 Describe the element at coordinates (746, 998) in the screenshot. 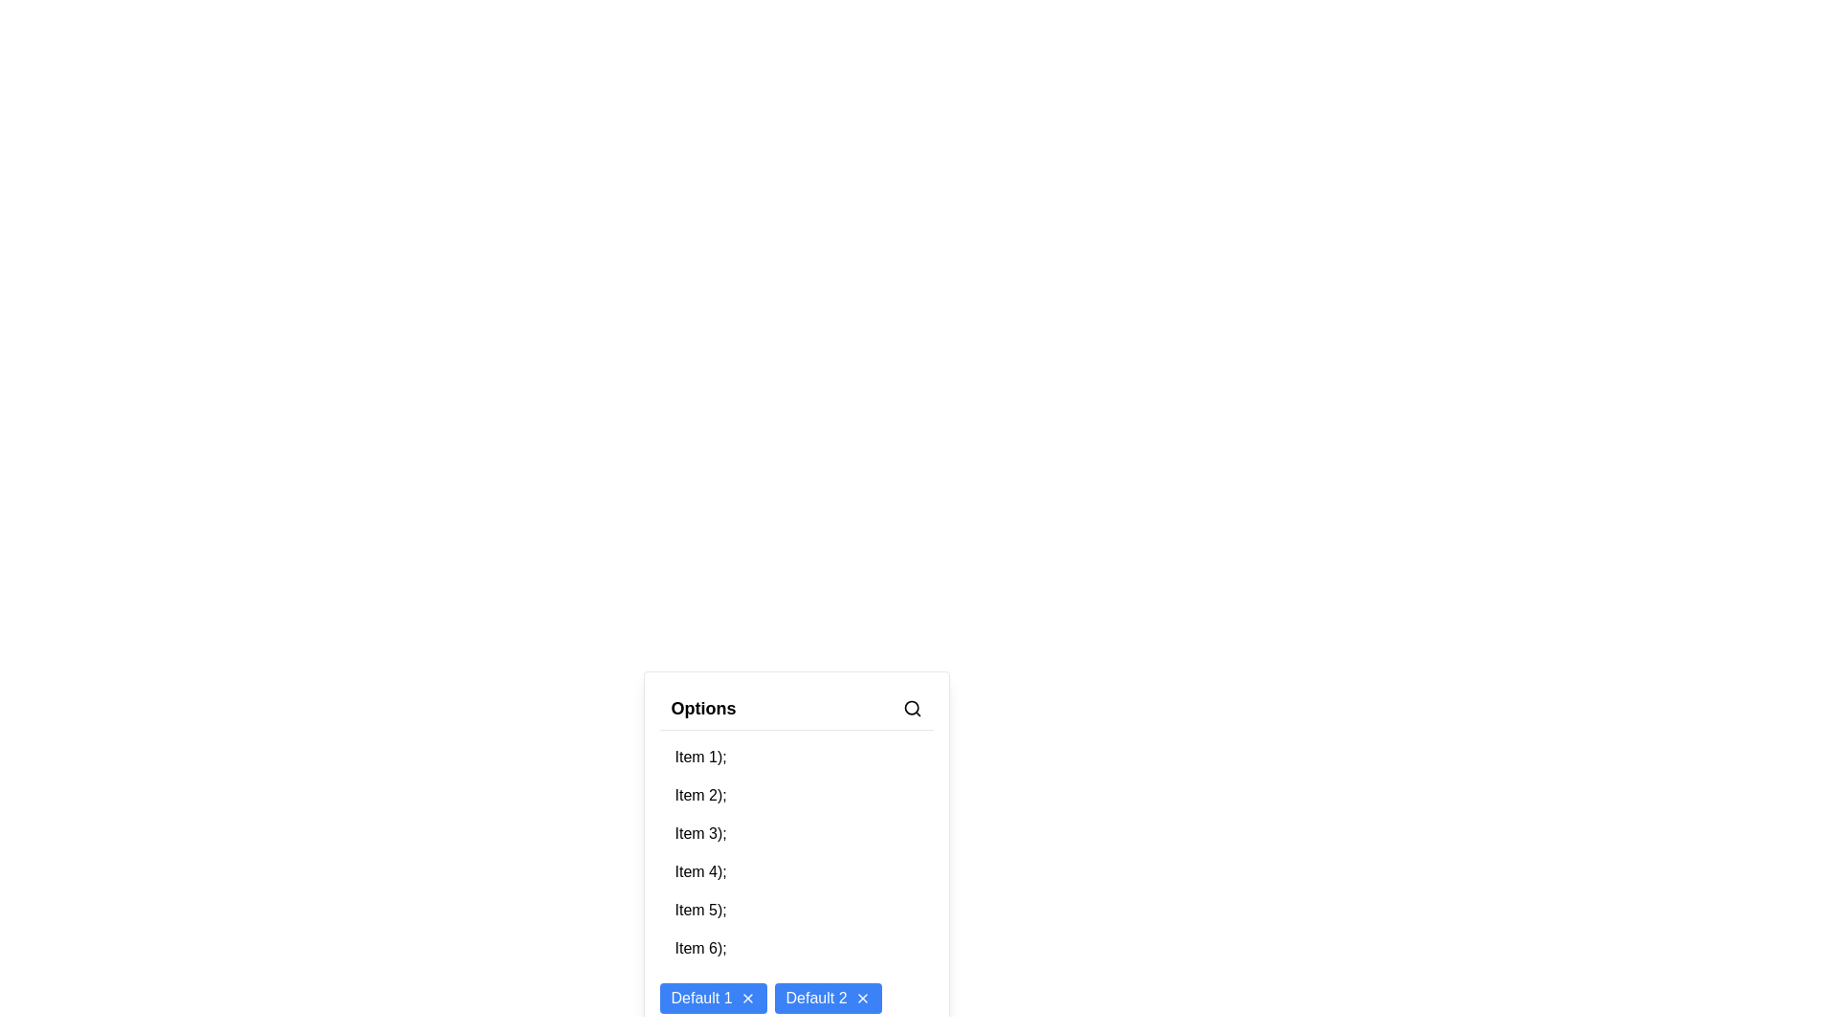

I see `the icon button located inside the 'Default 1' button` at that location.